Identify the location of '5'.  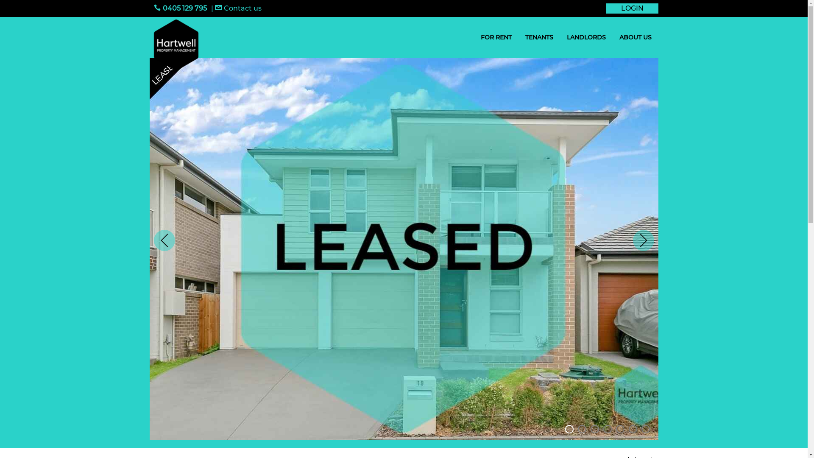
(620, 429).